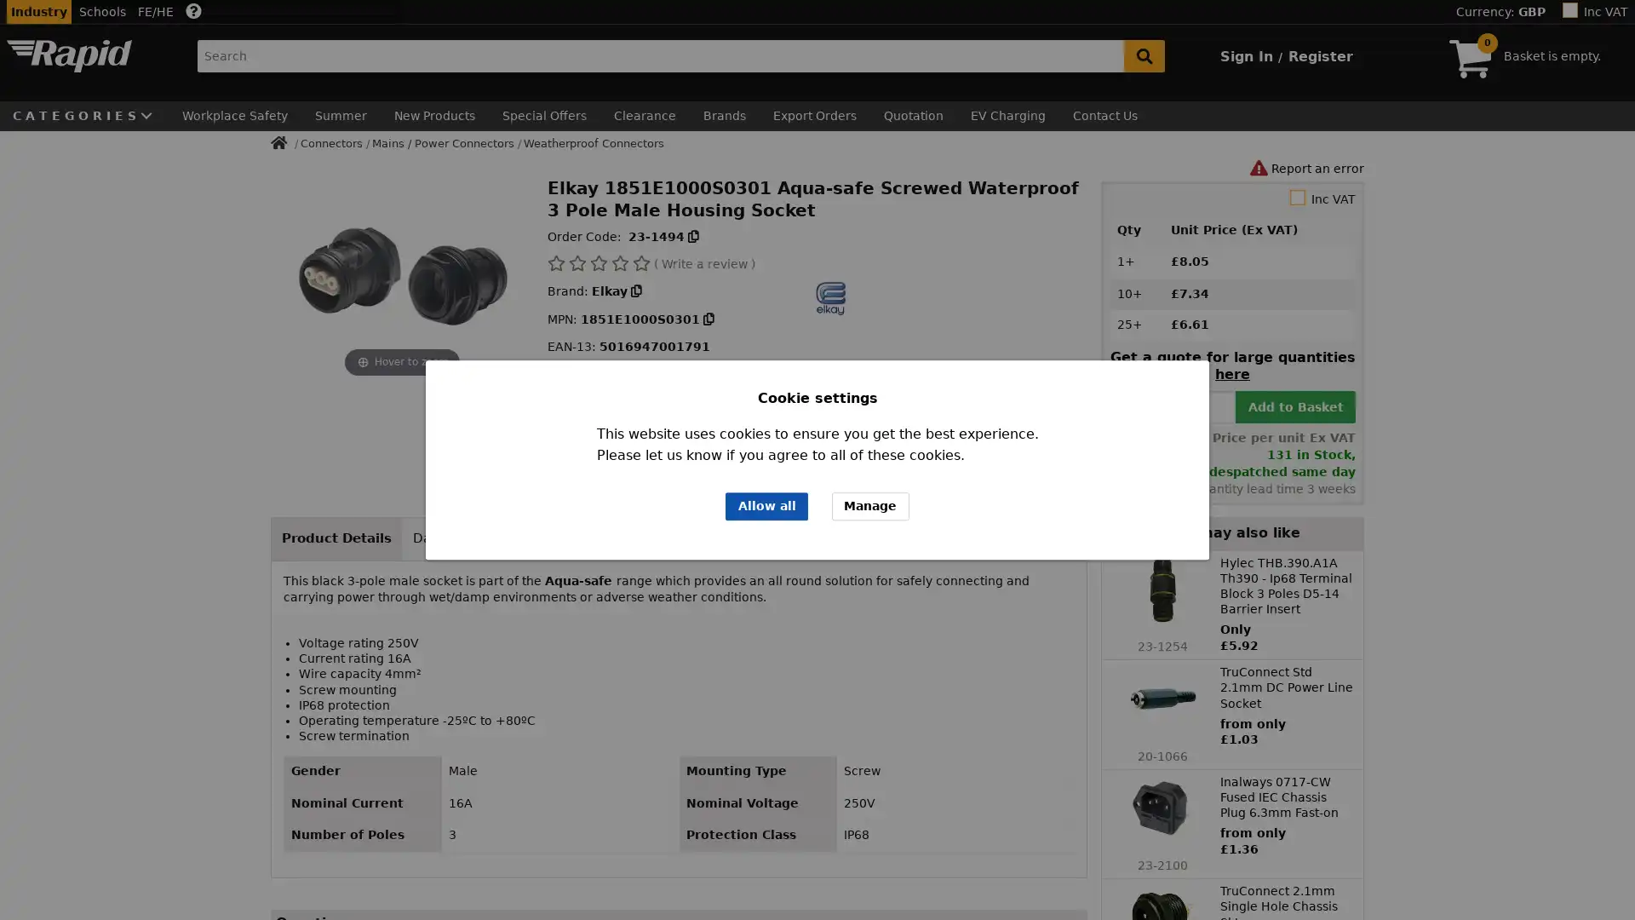 The height and width of the screenshot is (920, 1635). I want to click on Allow all, so click(766, 505).